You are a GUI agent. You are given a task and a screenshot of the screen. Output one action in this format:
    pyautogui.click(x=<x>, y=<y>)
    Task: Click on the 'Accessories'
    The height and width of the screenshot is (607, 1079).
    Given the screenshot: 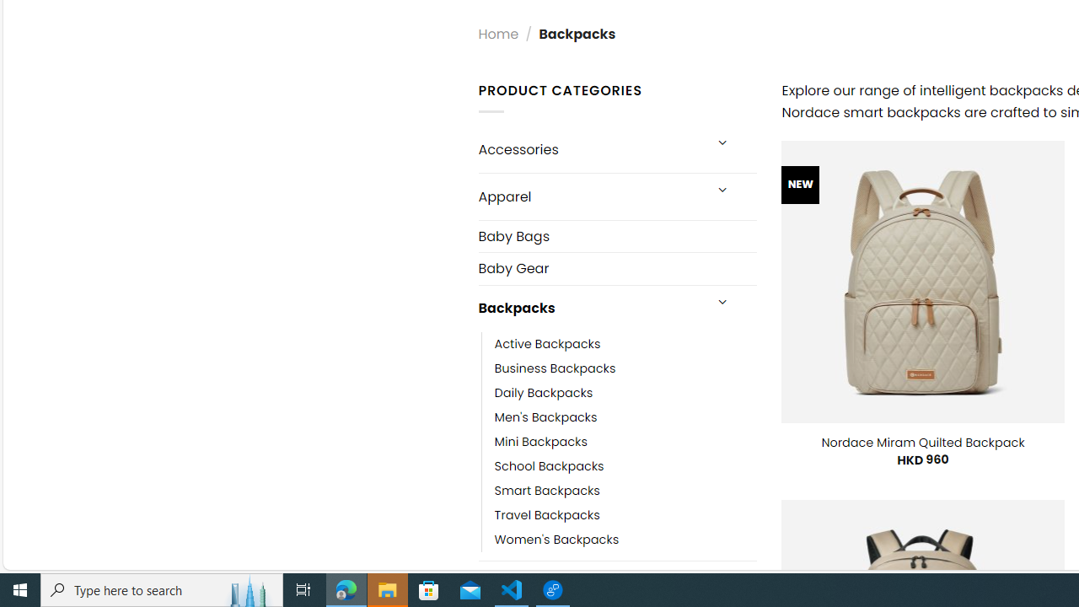 What is the action you would take?
    pyautogui.click(x=590, y=148)
    